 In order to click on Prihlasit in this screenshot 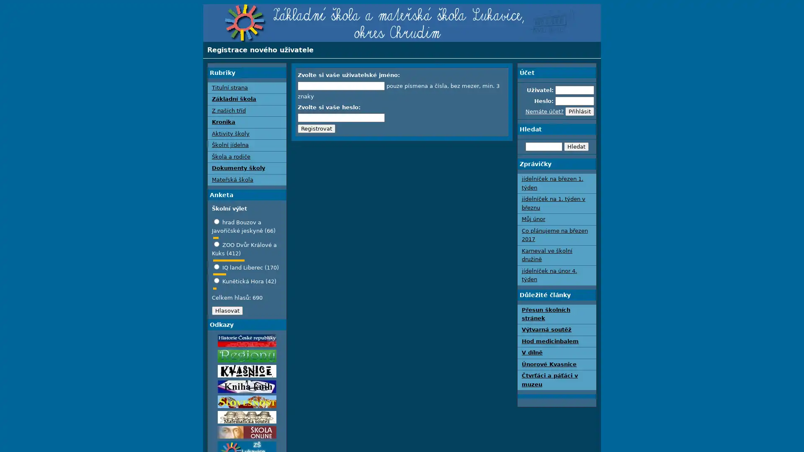, I will do `click(579, 111)`.